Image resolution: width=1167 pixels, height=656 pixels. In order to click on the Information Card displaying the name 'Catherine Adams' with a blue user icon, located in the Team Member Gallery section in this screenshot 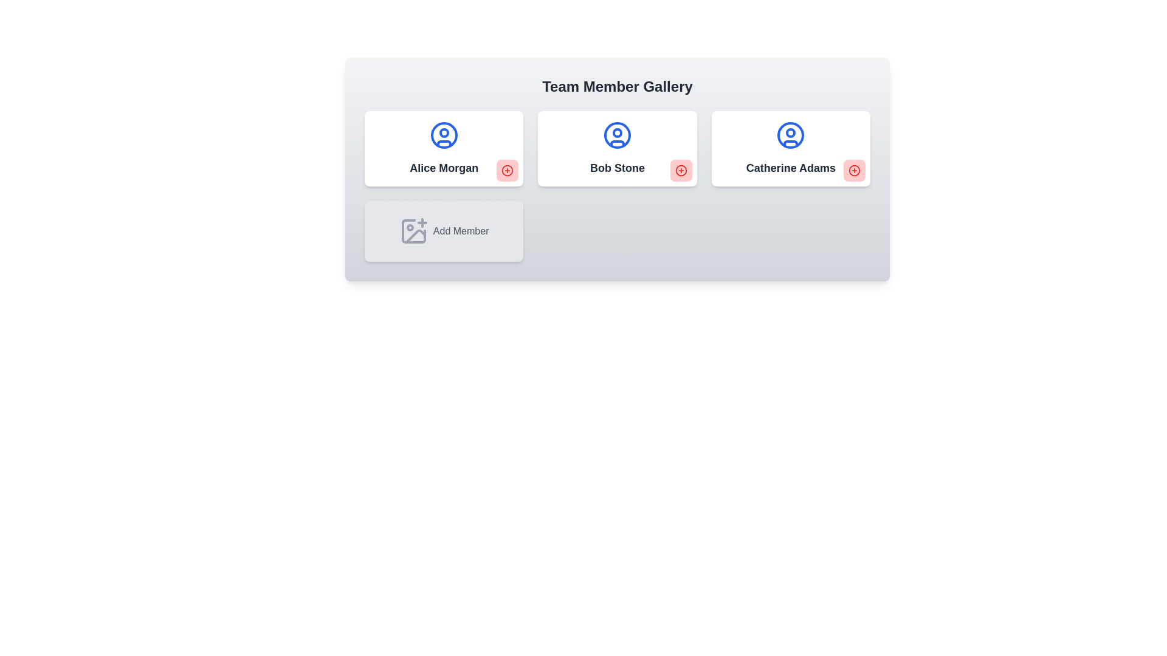, I will do `click(790, 148)`.